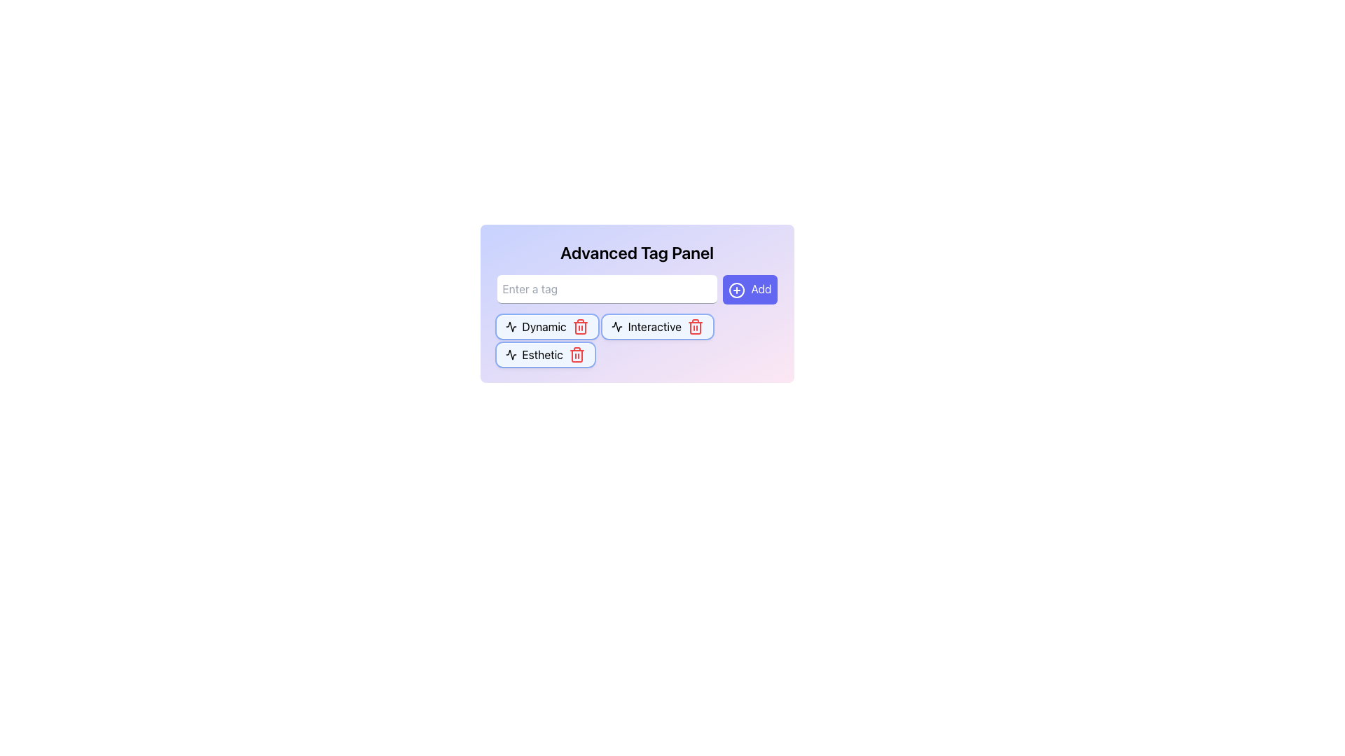 The image size is (1345, 756). What do you see at coordinates (696, 328) in the screenshot?
I see `the second trash icon button beside the 'Interactive' label` at bounding box center [696, 328].